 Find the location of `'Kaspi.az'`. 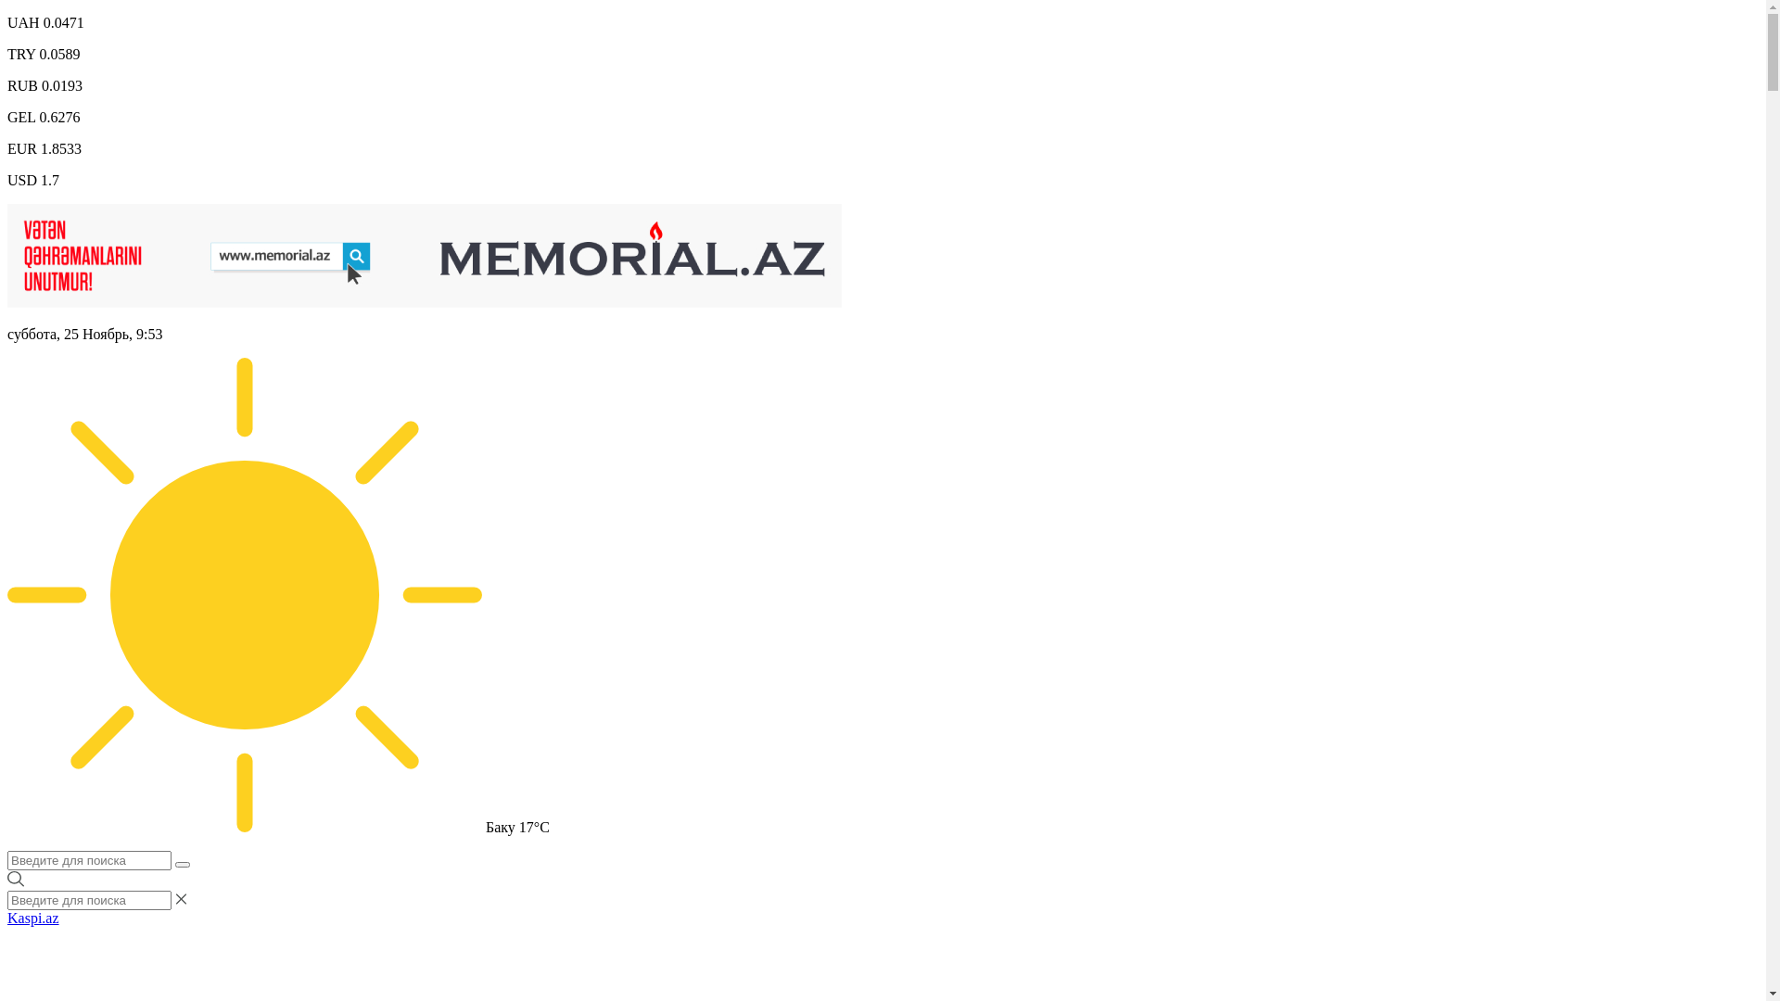

'Kaspi.az' is located at coordinates (32, 918).